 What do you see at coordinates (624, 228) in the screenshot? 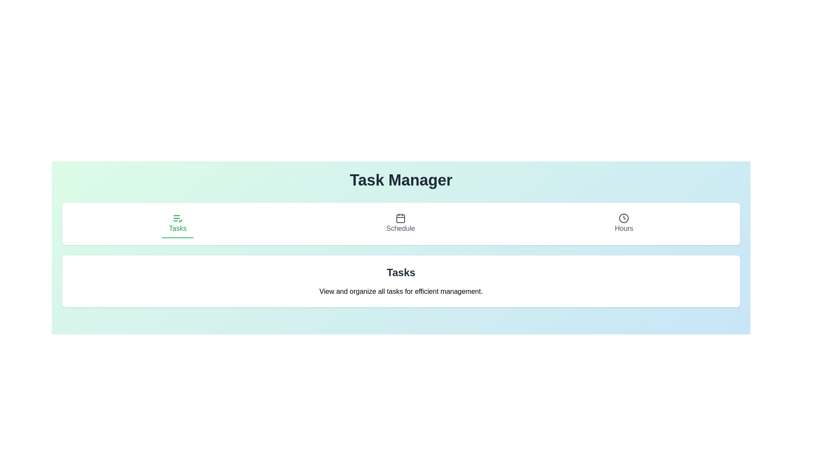
I see `the 'Hours' text label, which is part of a button-like UI component located beneath a clock icon` at bounding box center [624, 228].